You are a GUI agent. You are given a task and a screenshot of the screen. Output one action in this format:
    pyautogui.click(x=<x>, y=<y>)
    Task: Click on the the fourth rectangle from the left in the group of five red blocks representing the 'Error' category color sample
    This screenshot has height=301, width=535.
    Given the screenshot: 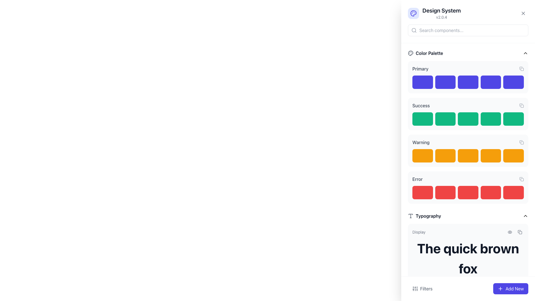 What is the action you would take?
    pyautogui.click(x=491, y=192)
    